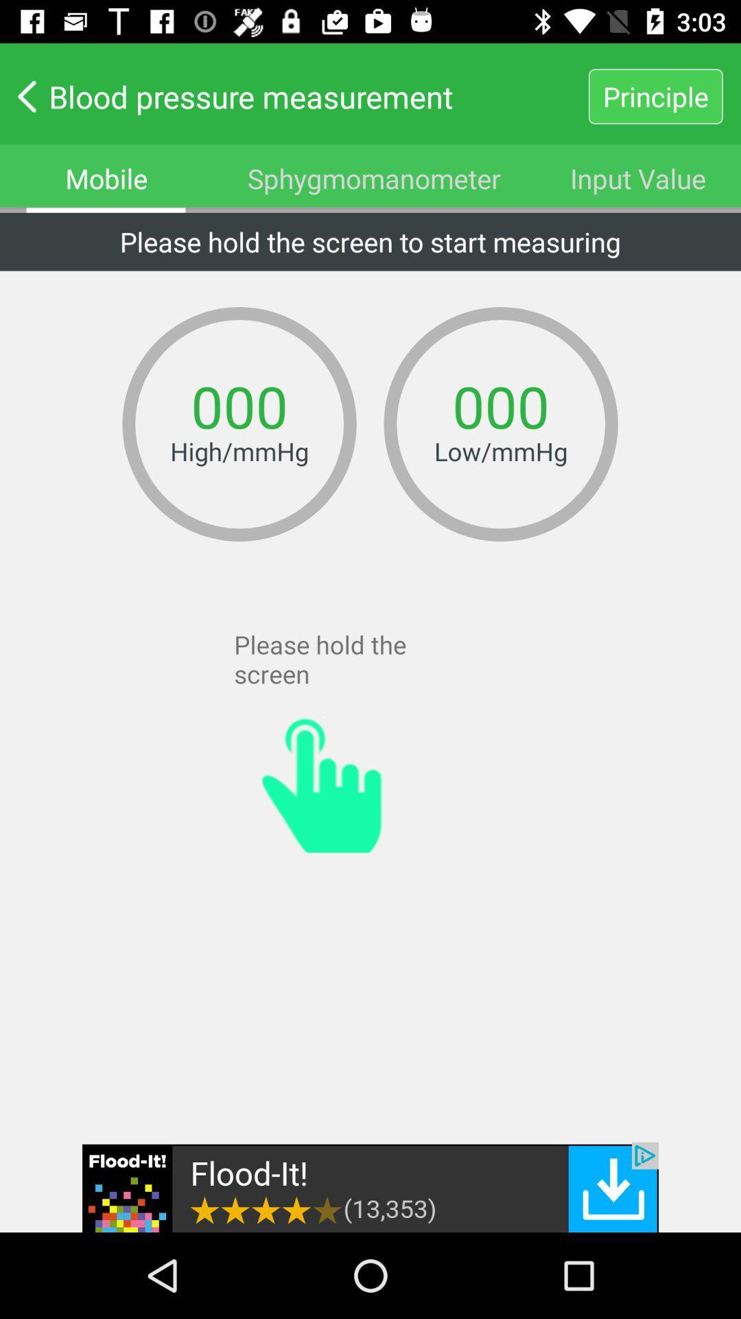  What do you see at coordinates (370, 1186) in the screenshot?
I see `open advertisement` at bounding box center [370, 1186].